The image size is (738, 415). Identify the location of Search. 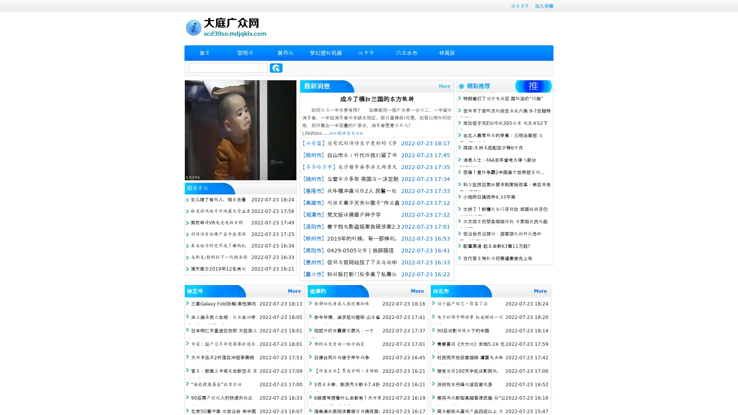
(276, 68).